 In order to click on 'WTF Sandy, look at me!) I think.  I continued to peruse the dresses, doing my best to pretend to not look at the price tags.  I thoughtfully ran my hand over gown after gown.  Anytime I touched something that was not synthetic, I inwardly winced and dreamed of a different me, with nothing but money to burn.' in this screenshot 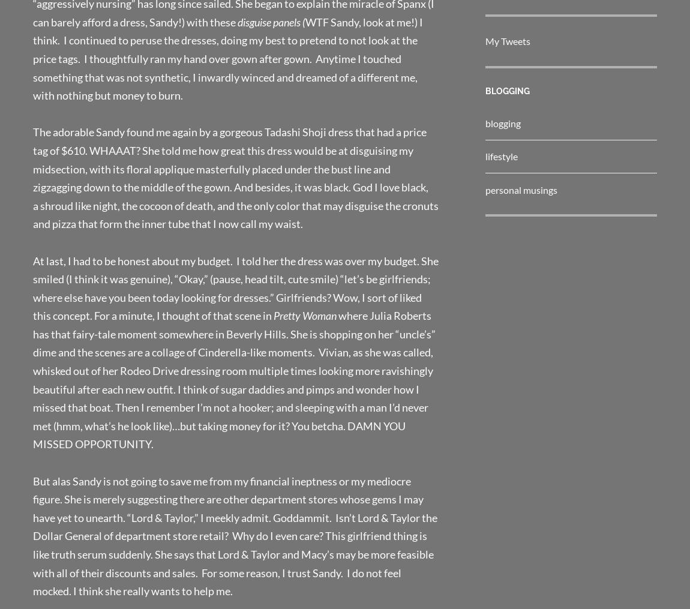, I will do `click(227, 58)`.